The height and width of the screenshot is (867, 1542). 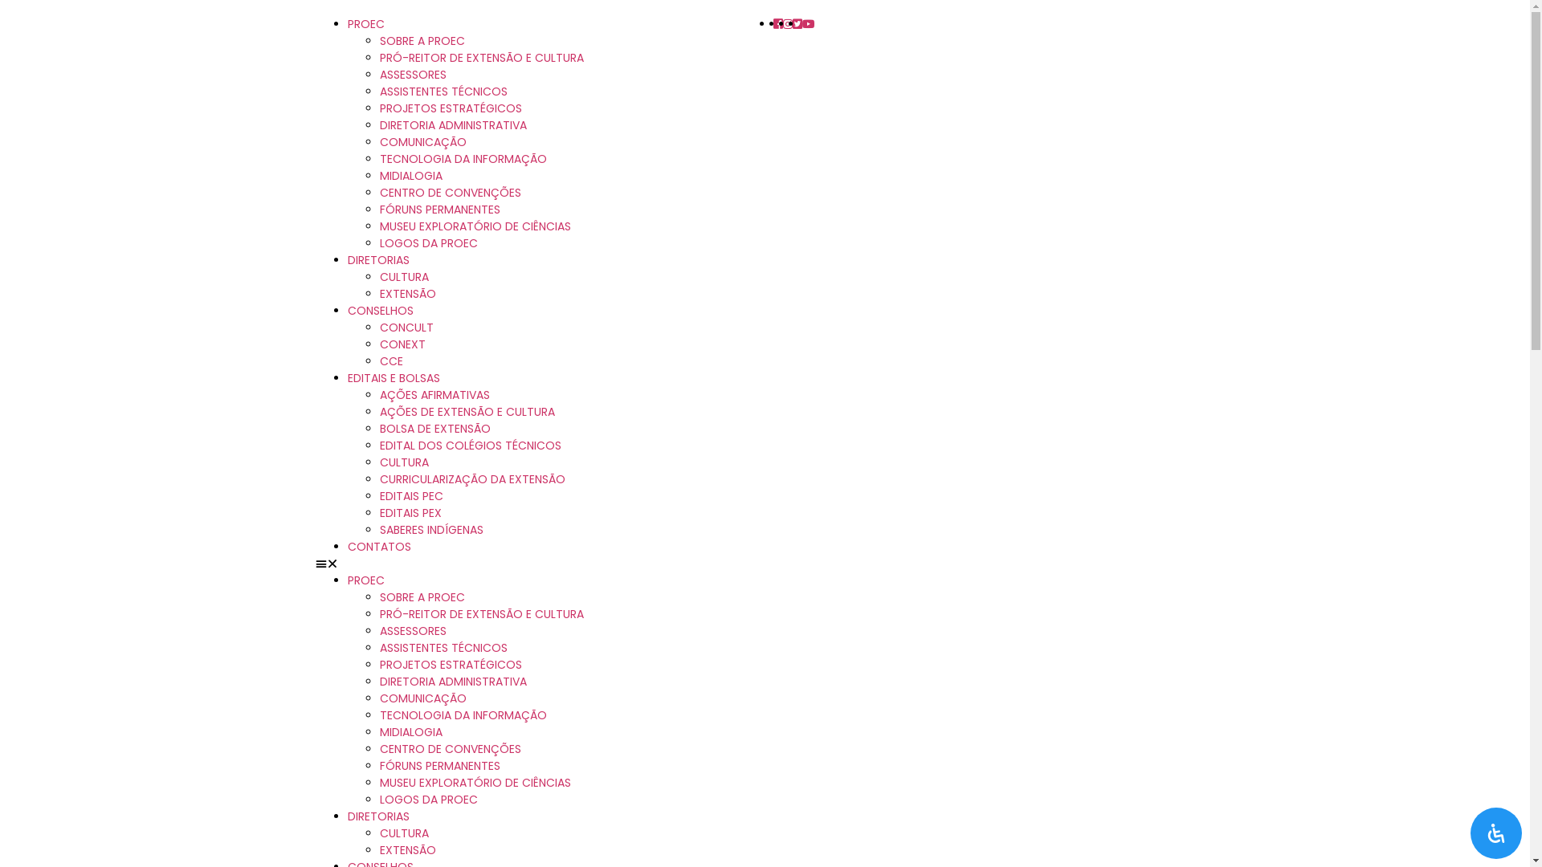 I want to click on 'CCE', so click(x=377, y=361).